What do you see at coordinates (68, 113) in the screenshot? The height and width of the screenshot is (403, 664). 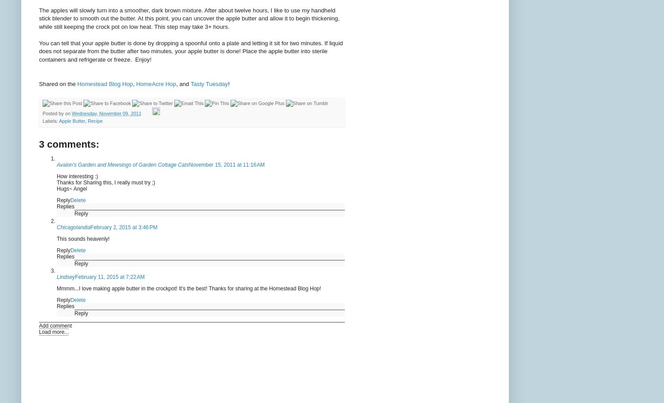 I see `'on'` at bounding box center [68, 113].